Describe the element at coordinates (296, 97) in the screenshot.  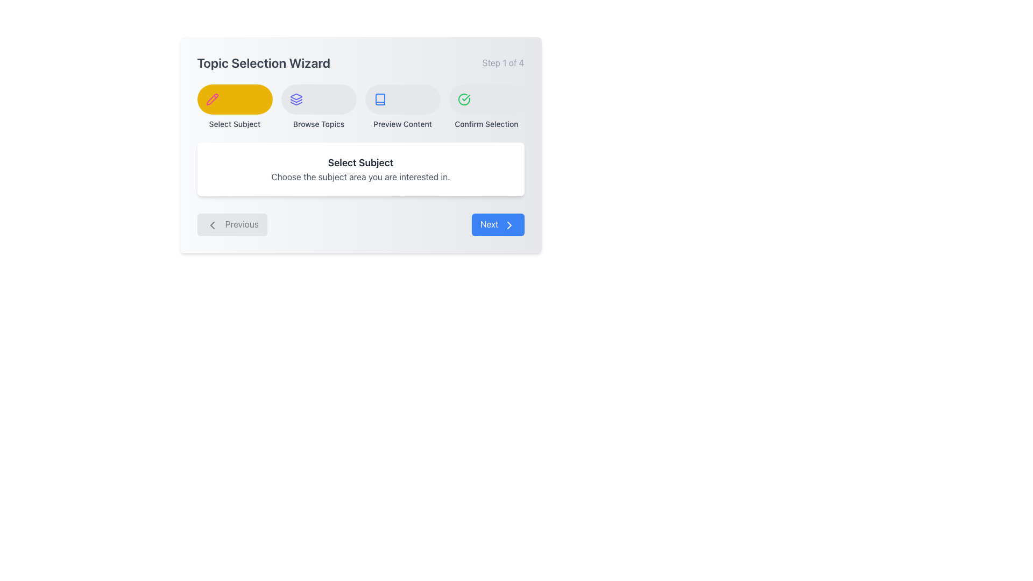
I see `the second icon in the horizontal sequence of four icons at the top section of the interface, which likely represents the 'Browse Topics' functionality` at that location.